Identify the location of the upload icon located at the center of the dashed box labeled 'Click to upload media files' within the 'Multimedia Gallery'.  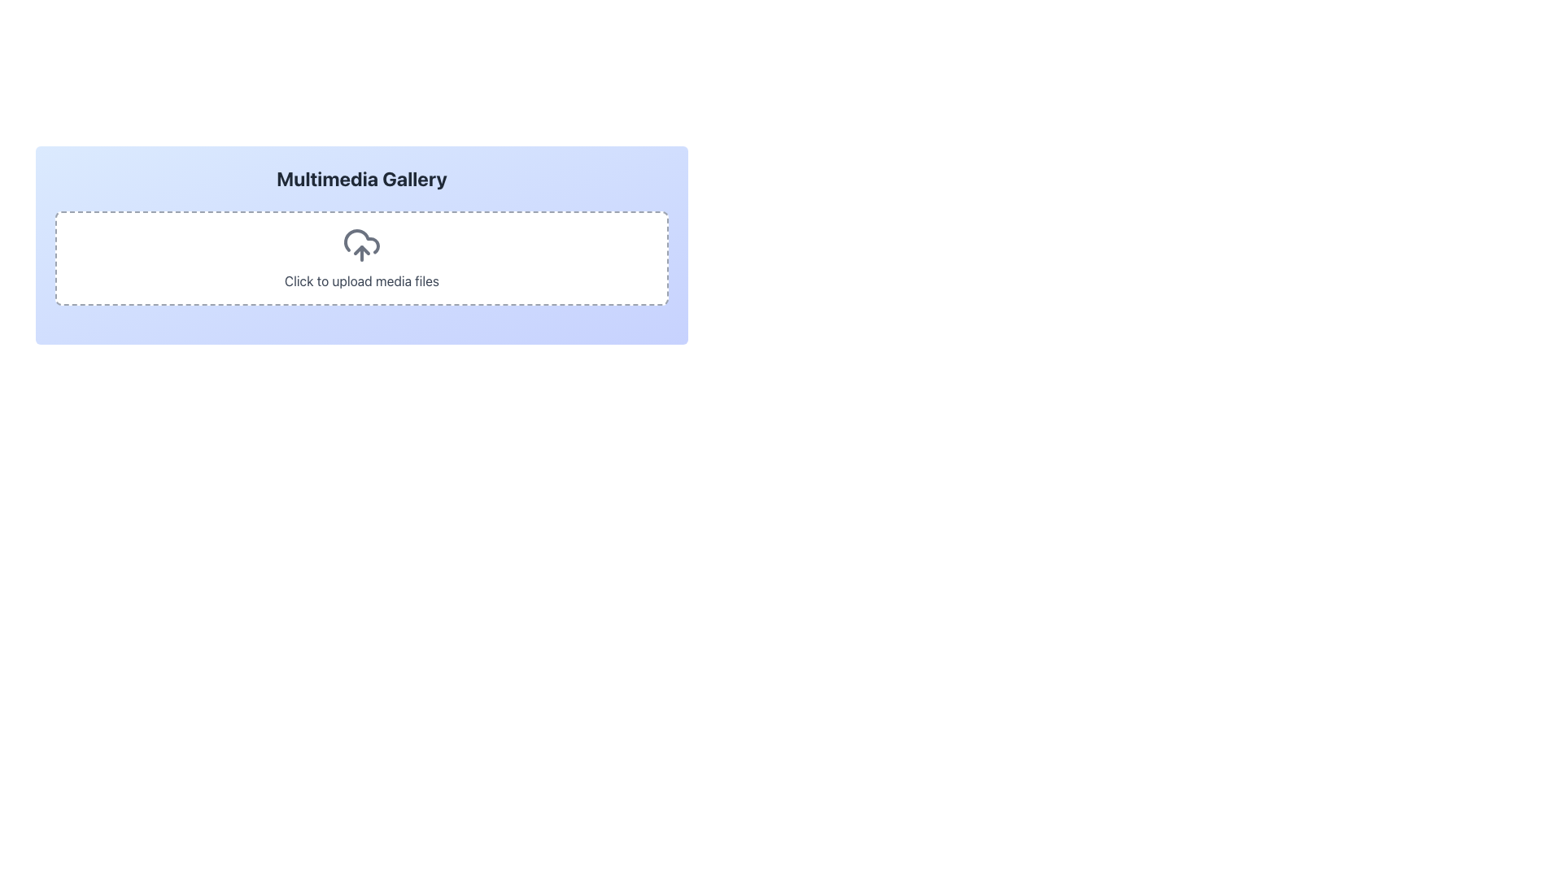
(361, 245).